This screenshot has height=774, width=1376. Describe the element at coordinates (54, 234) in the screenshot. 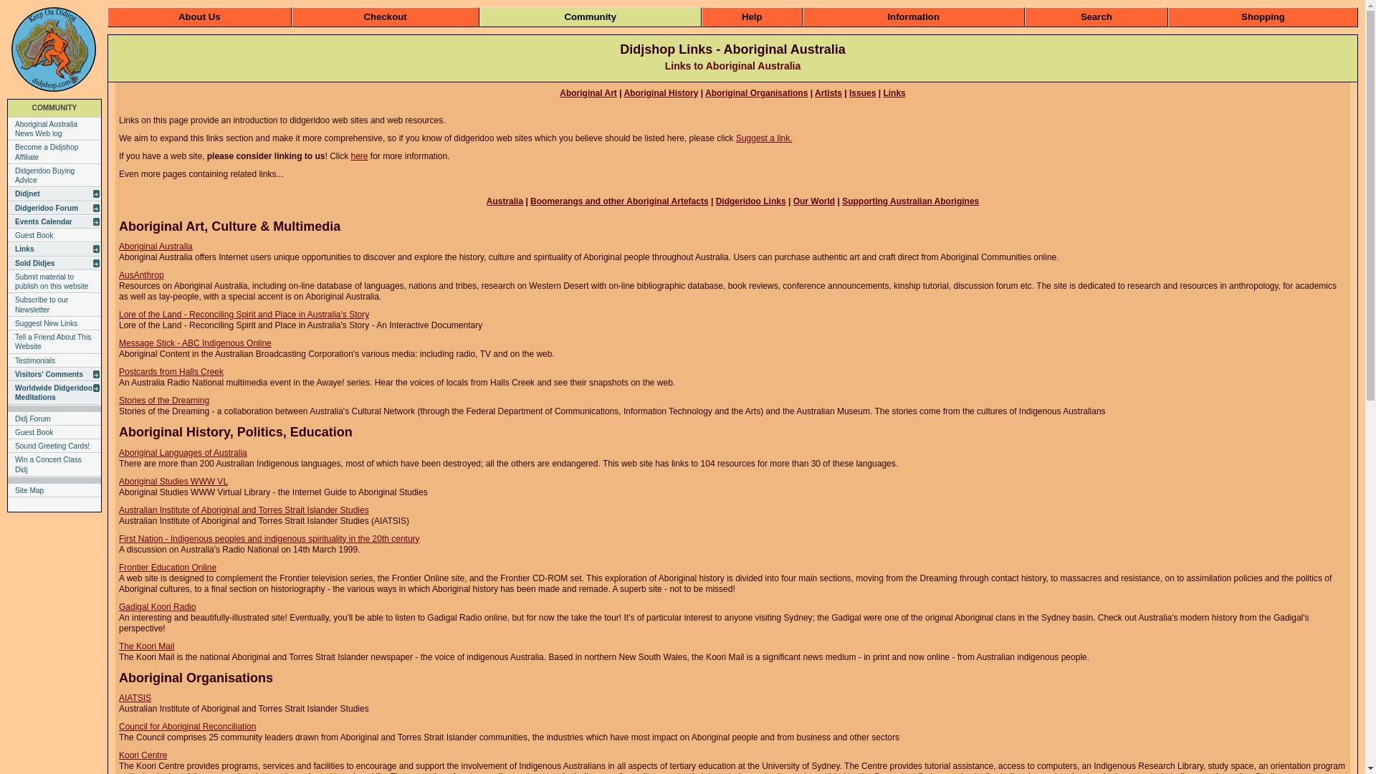

I see `'Guest Book'` at that location.